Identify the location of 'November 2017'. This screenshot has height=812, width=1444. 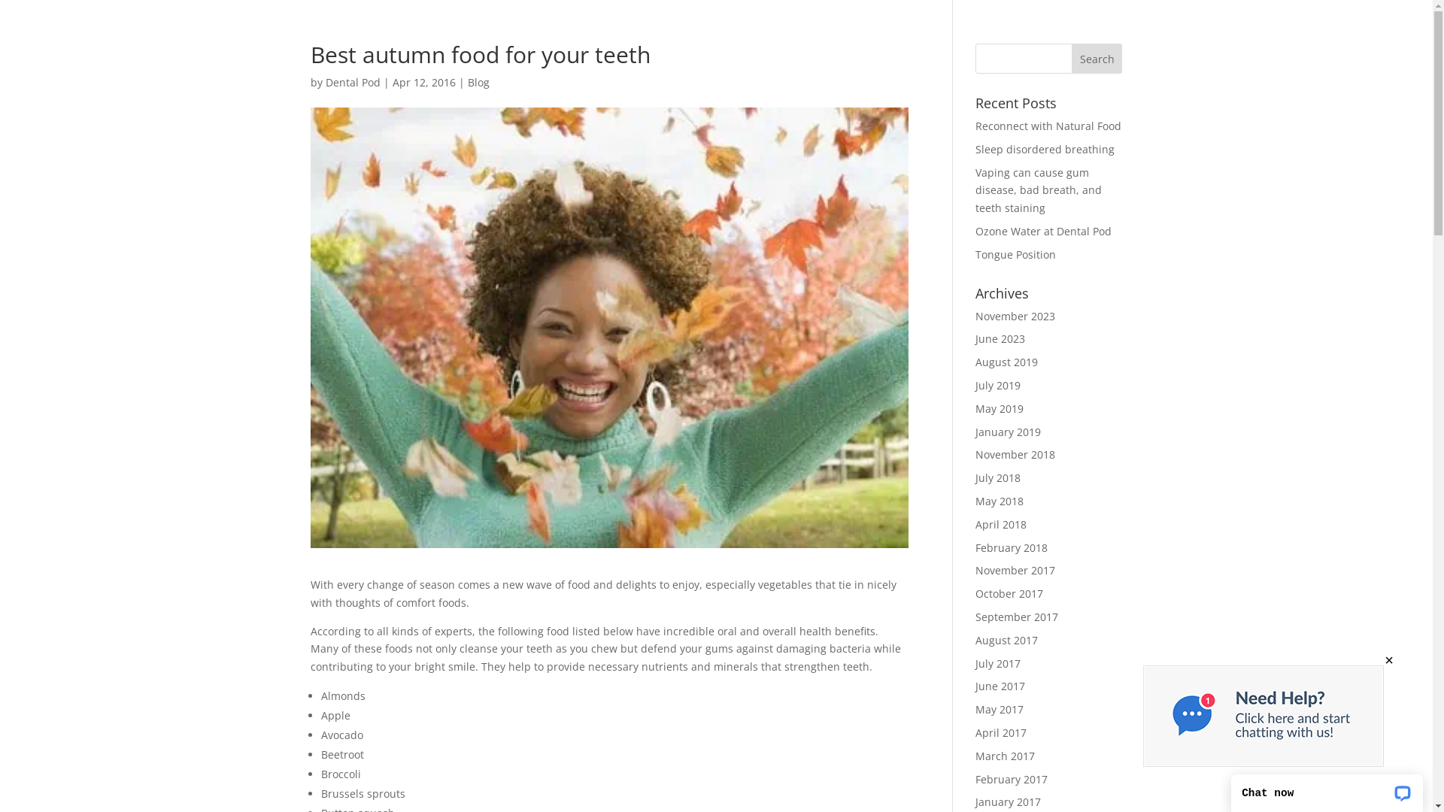
(1015, 570).